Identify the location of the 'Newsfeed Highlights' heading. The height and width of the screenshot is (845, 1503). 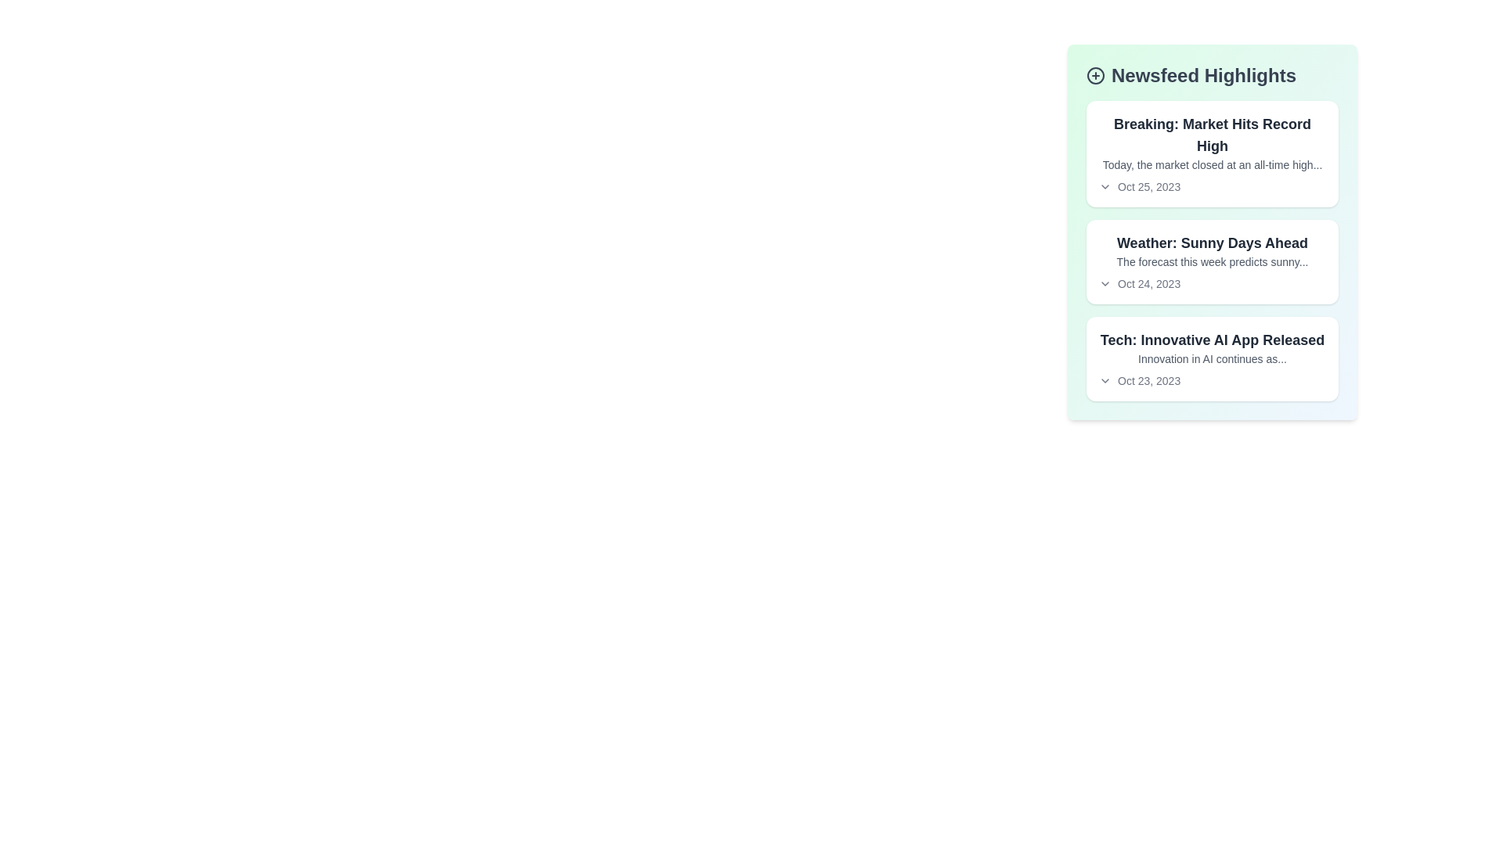
(1212, 75).